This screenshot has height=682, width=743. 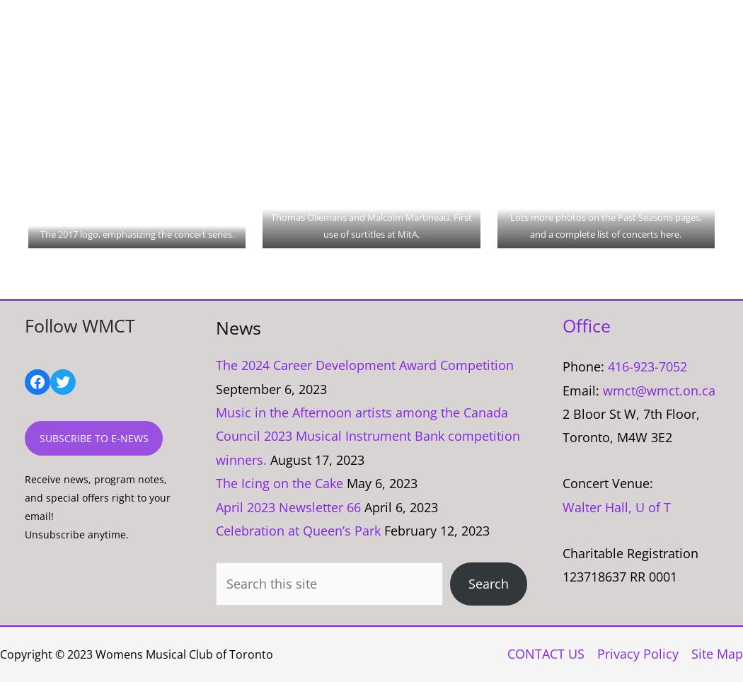 I want to click on 'May 6, 2023', so click(x=346, y=482).